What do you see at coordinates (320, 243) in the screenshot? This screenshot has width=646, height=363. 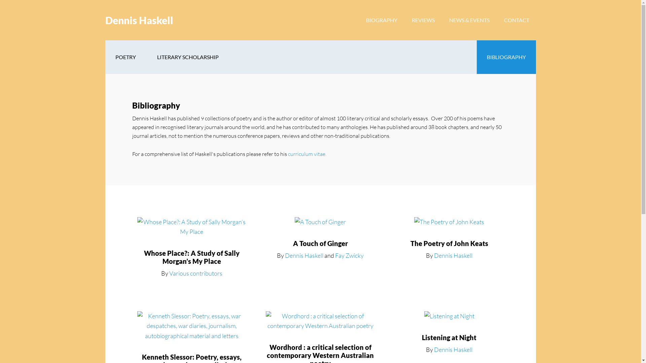 I see `'A Touch of Ginger'` at bounding box center [320, 243].